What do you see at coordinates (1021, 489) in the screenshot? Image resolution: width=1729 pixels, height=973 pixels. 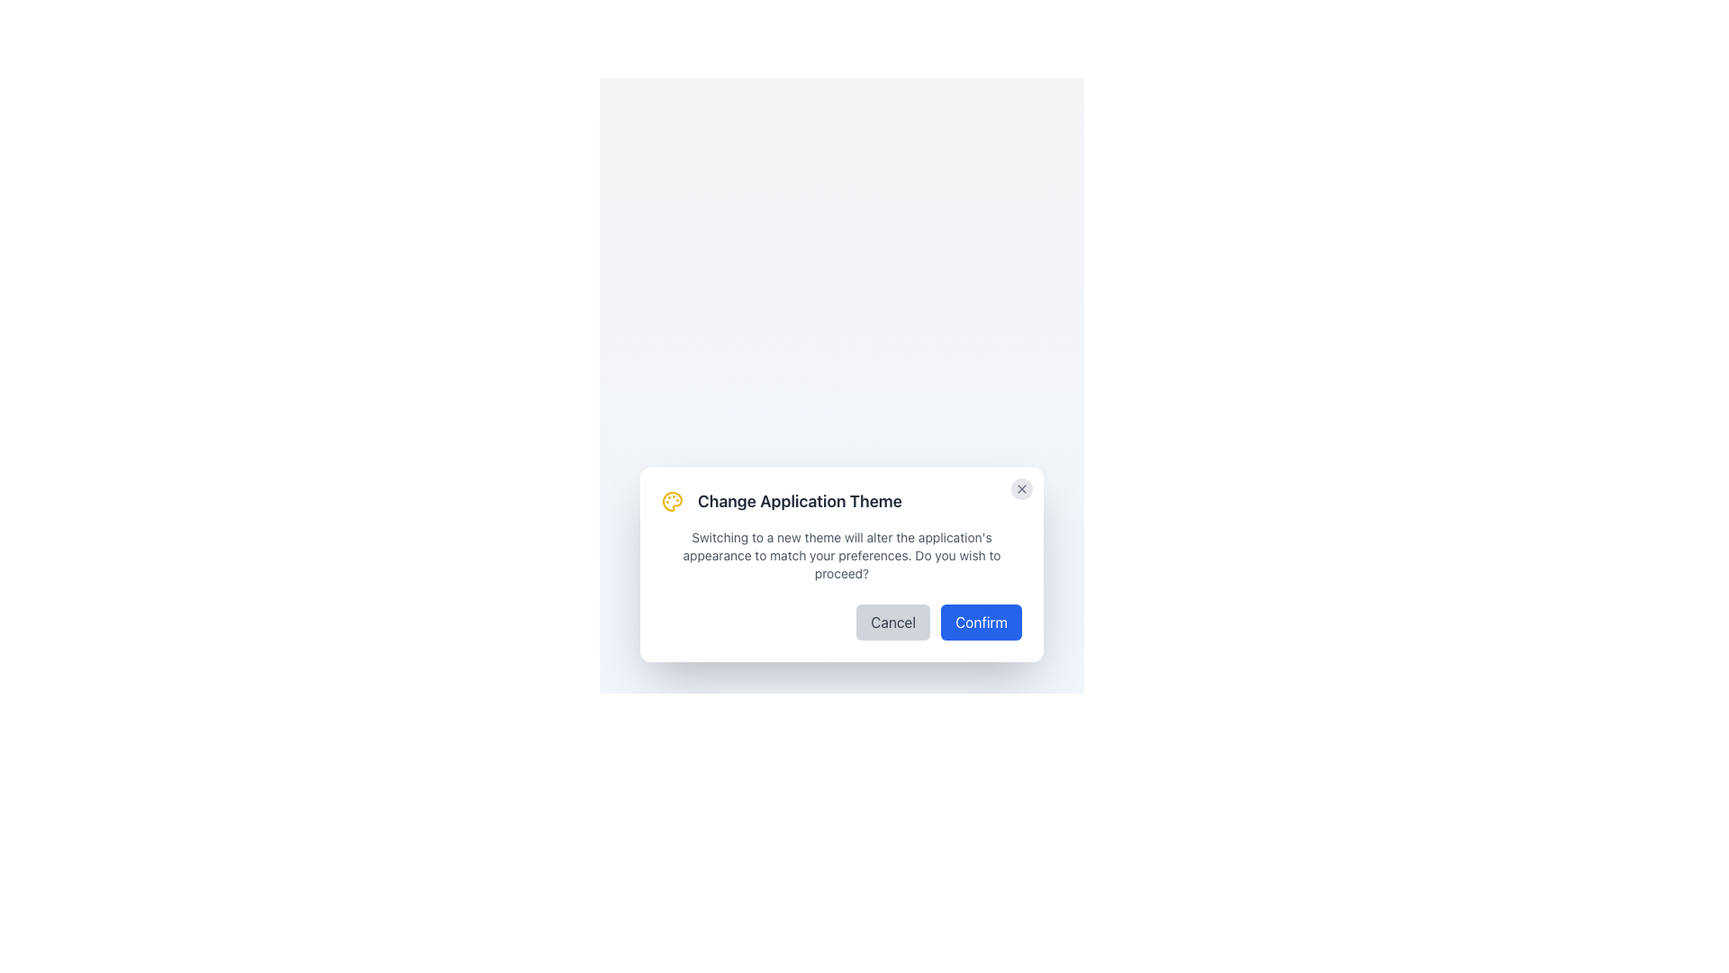 I see `the close button located in the top-right corner of the dialog box` at bounding box center [1021, 489].